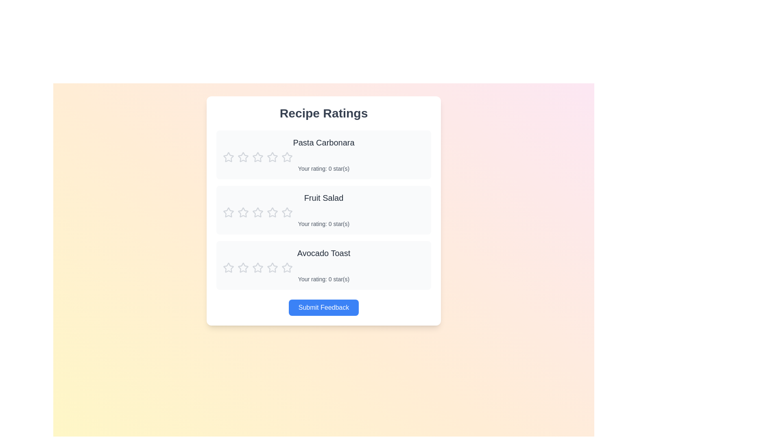 The width and height of the screenshot is (781, 439). What do you see at coordinates (243, 212) in the screenshot?
I see `the first star icon in the rating widget for 'Fruit Salad'` at bounding box center [243, 212].